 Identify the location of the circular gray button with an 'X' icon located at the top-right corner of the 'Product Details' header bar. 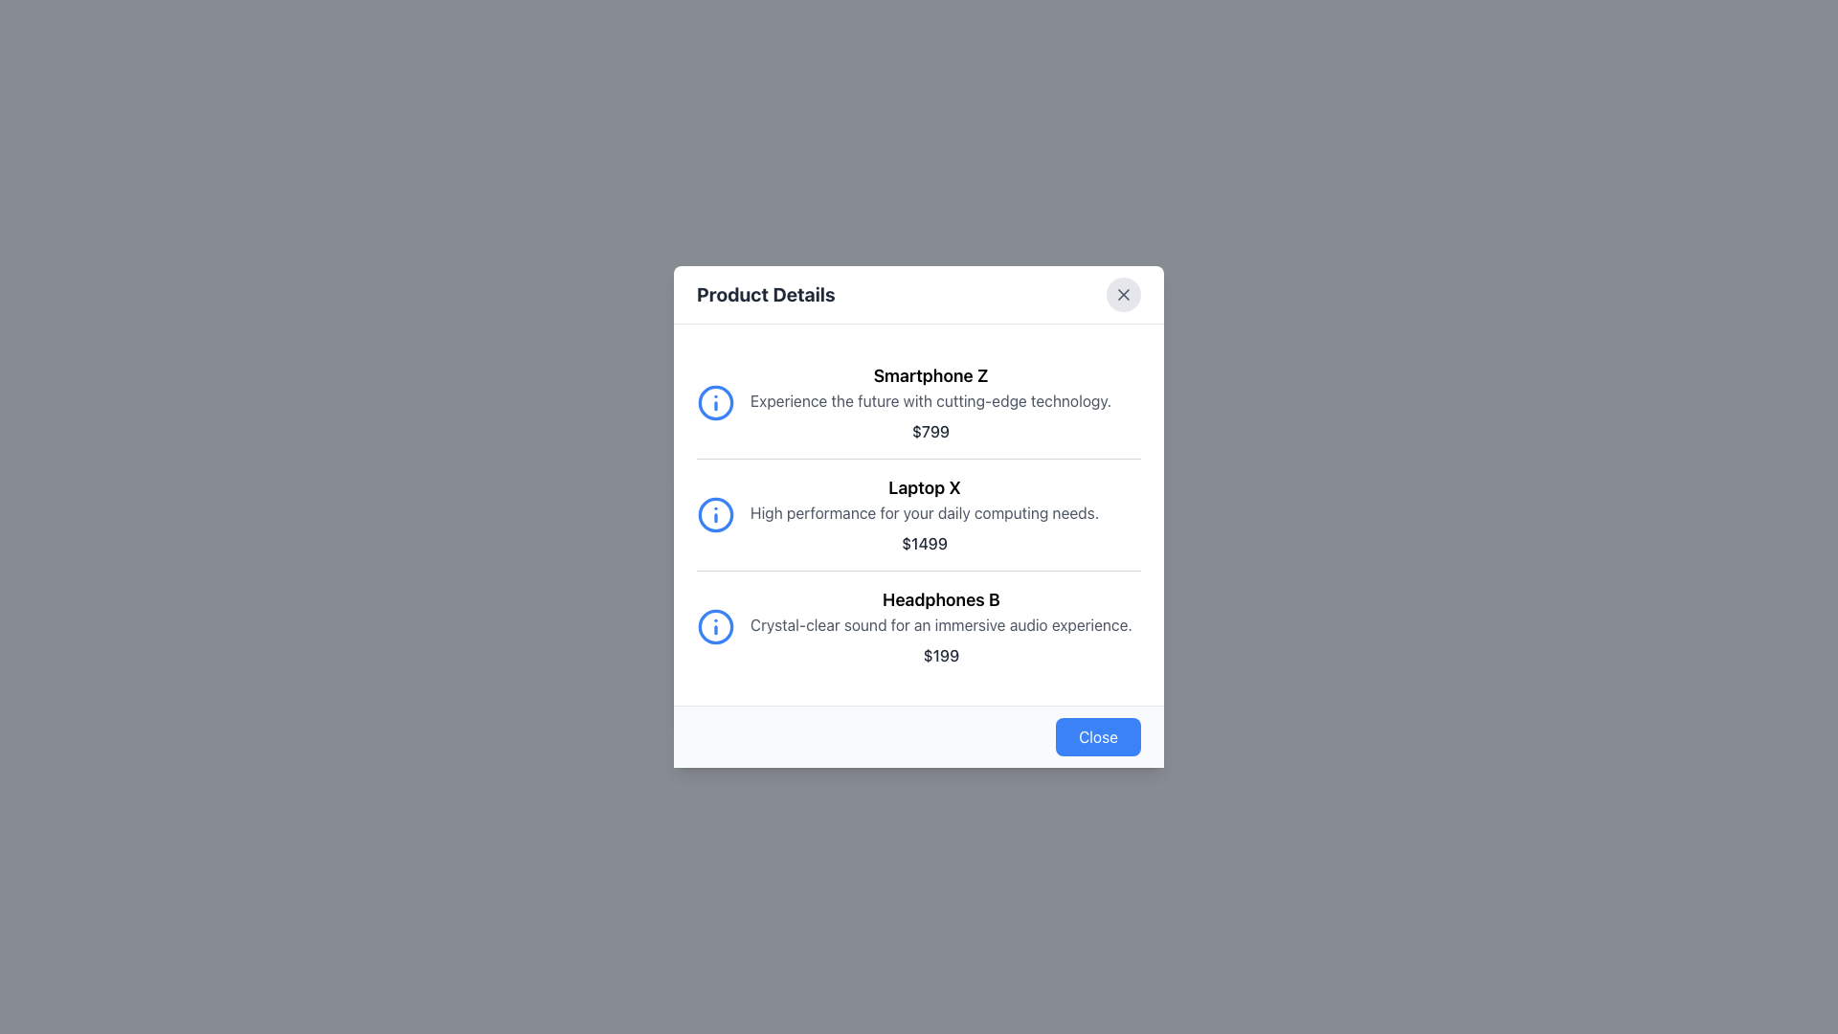
(1124, 295).